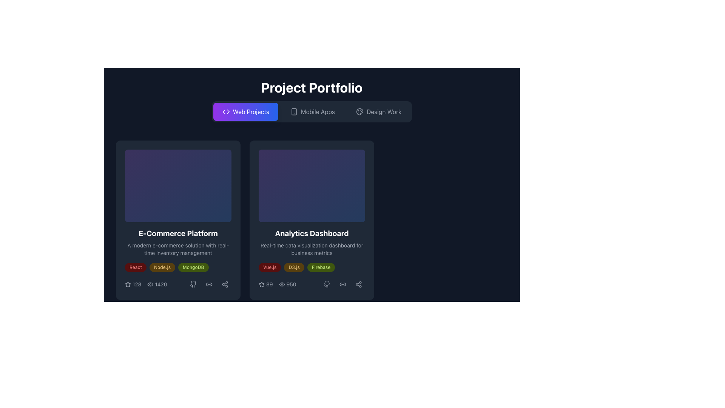 The width and height of the screenshot is (725, 408). What do you see at coordinates (150, 284) in the screenshot?
I see `the eye icon representing the 'view count' located to the left of the number '1420' in the lower section of the first card labeled 'E-Commerce Platform'` at bounding box center [150, 284].